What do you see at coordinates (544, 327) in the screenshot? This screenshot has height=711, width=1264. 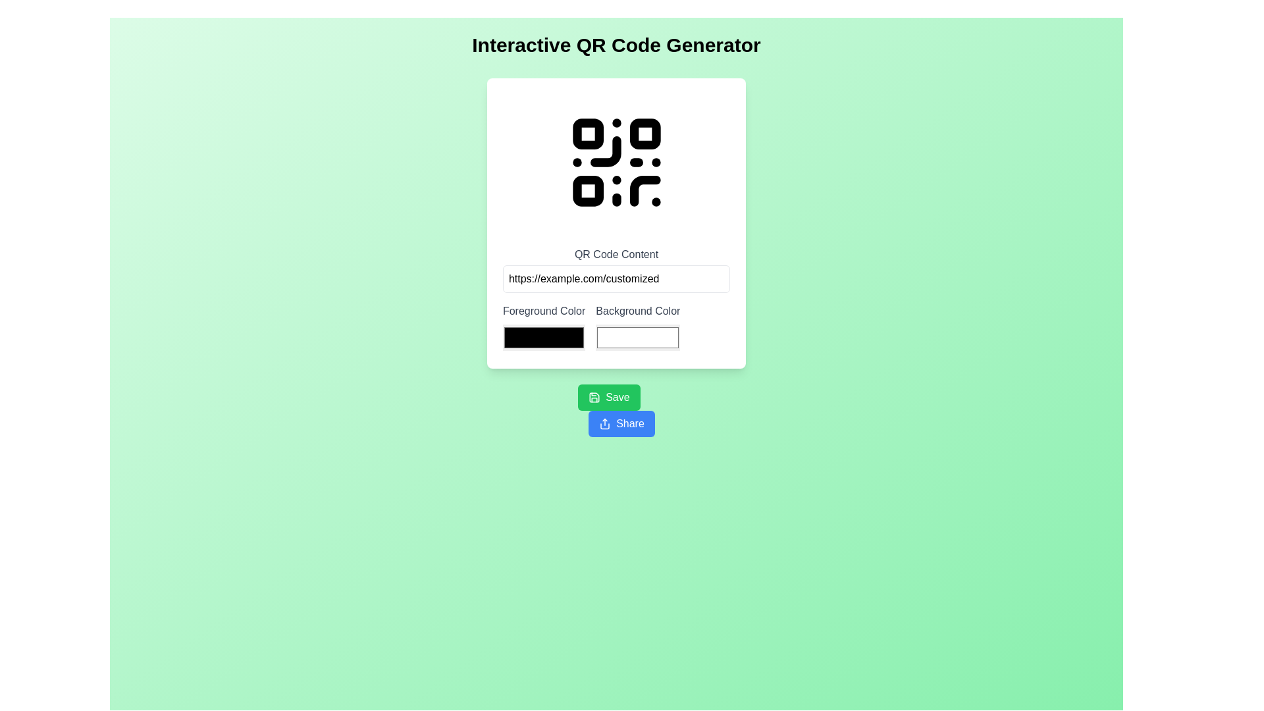 I see `the color input field labeled 'Foreground Color', which is a rectangular black input field positioned below the text label` at bounding box center [544, 327].